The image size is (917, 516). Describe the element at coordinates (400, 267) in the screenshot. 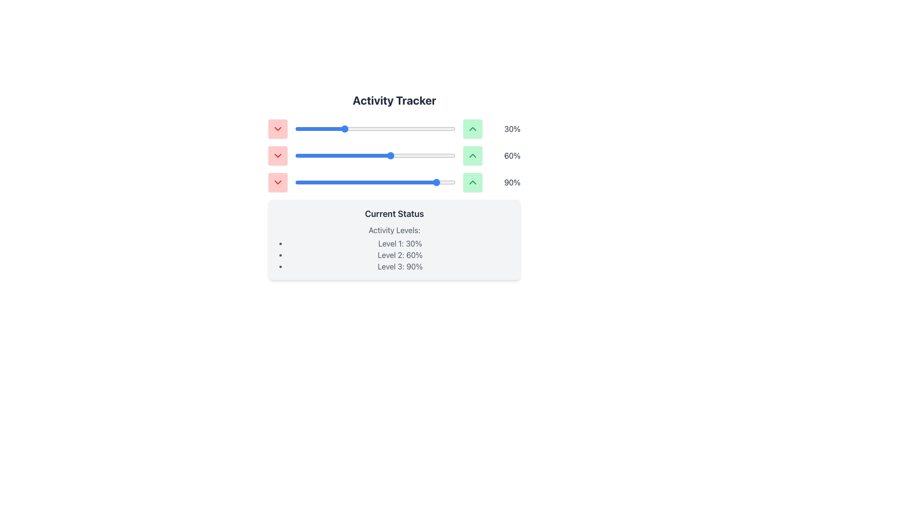

I see `the static text label indicating 'Level 3: 90%' within the 'Current Status' section of the 'Activity Tracker'` at that location.